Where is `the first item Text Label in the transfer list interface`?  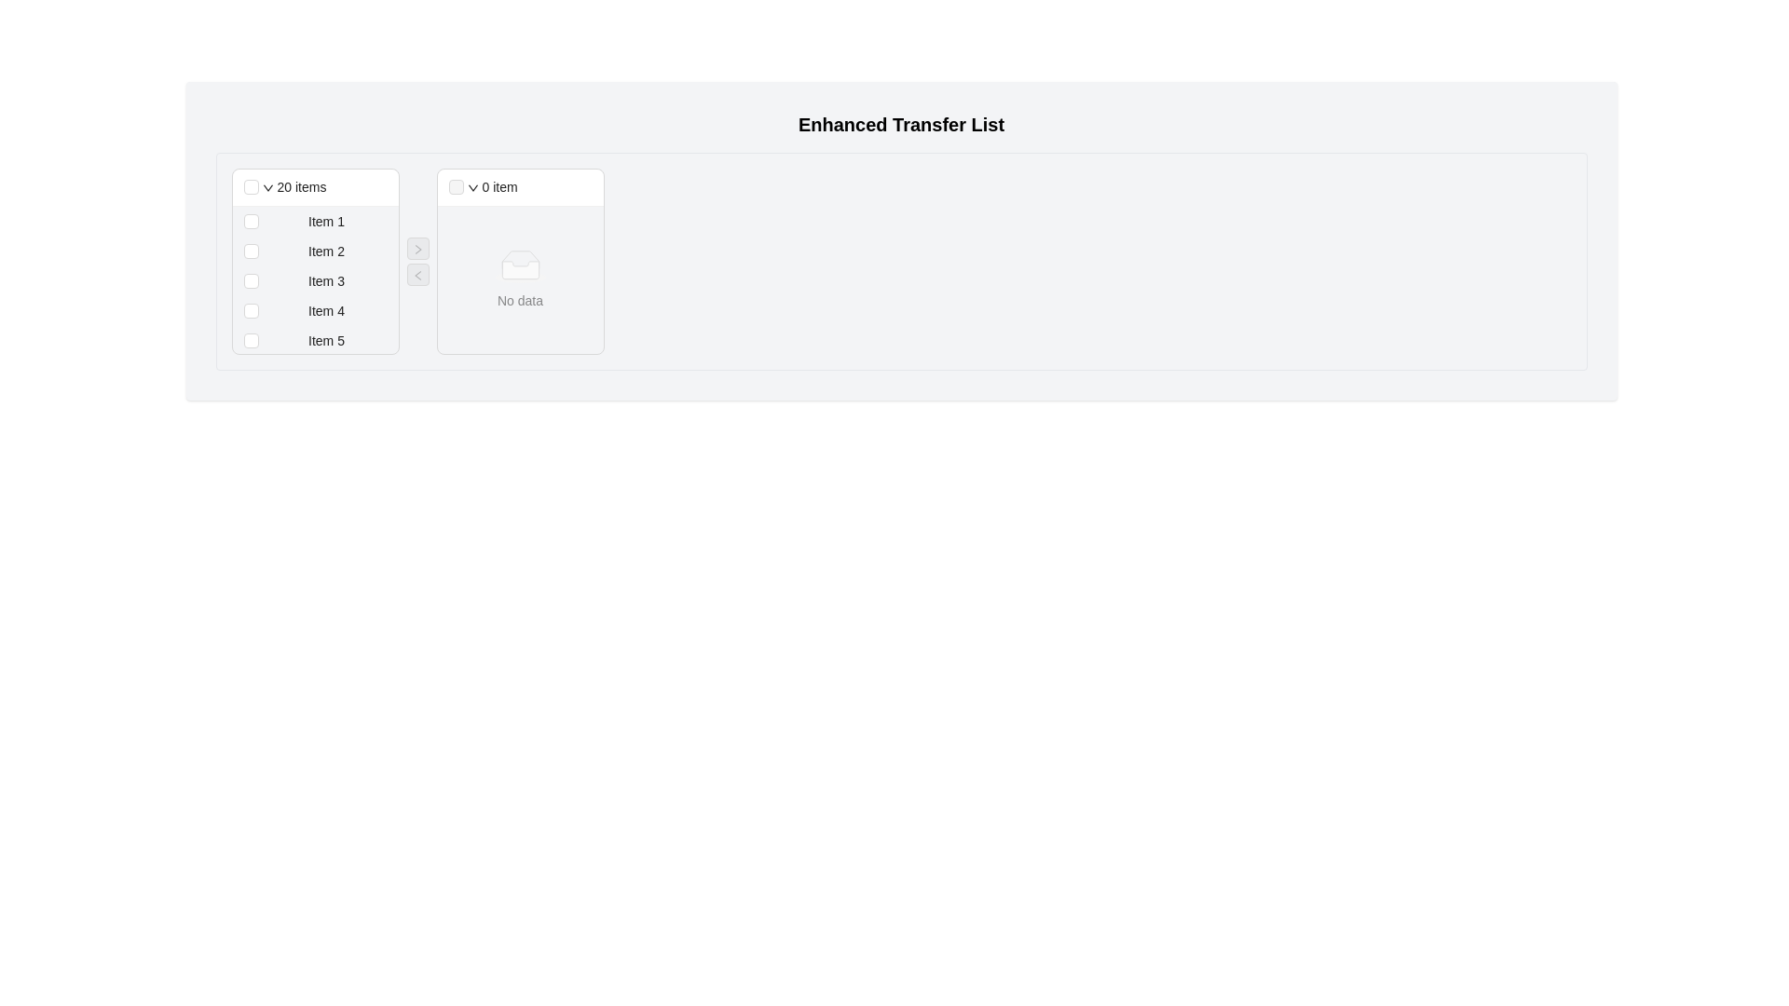 the first item Text Label in the transfer list interface is located at coordinates (326, 221).